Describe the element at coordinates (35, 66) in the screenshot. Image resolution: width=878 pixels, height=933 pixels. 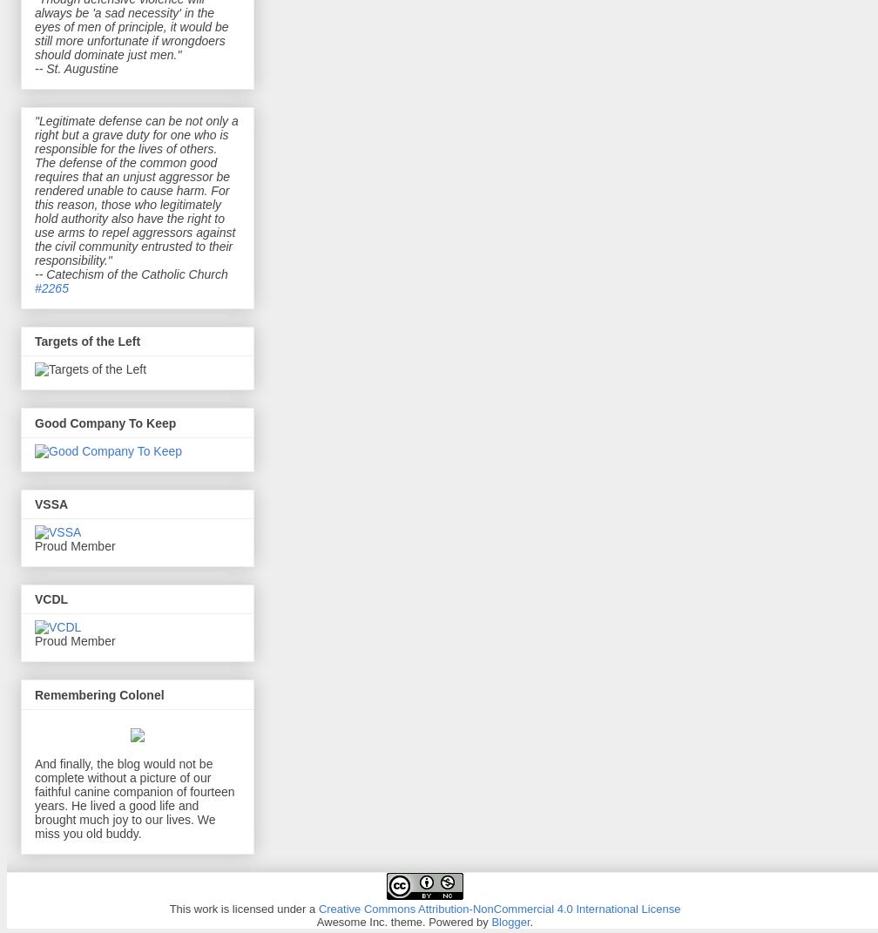
I see `'-- St. Augustine'` at that location.